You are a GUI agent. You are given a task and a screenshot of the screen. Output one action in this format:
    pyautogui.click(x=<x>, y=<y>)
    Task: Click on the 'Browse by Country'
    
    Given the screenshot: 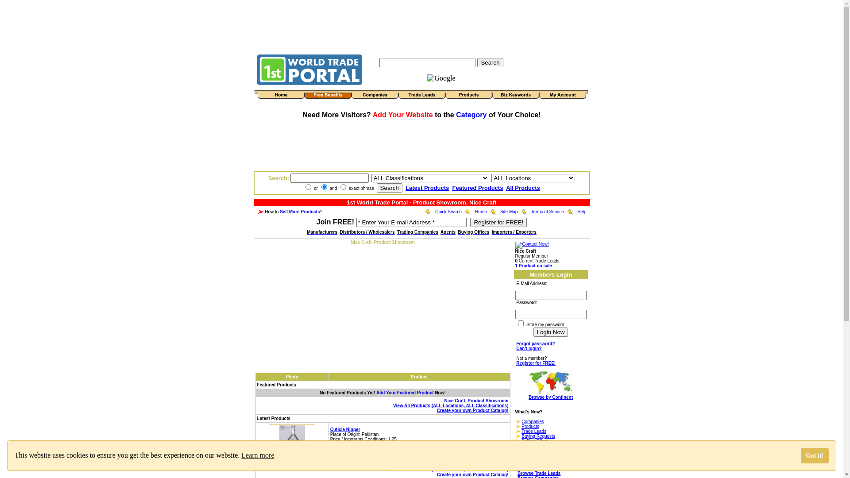 What is the action you would take?
    pyautogui.click(x=518, y=468)
    